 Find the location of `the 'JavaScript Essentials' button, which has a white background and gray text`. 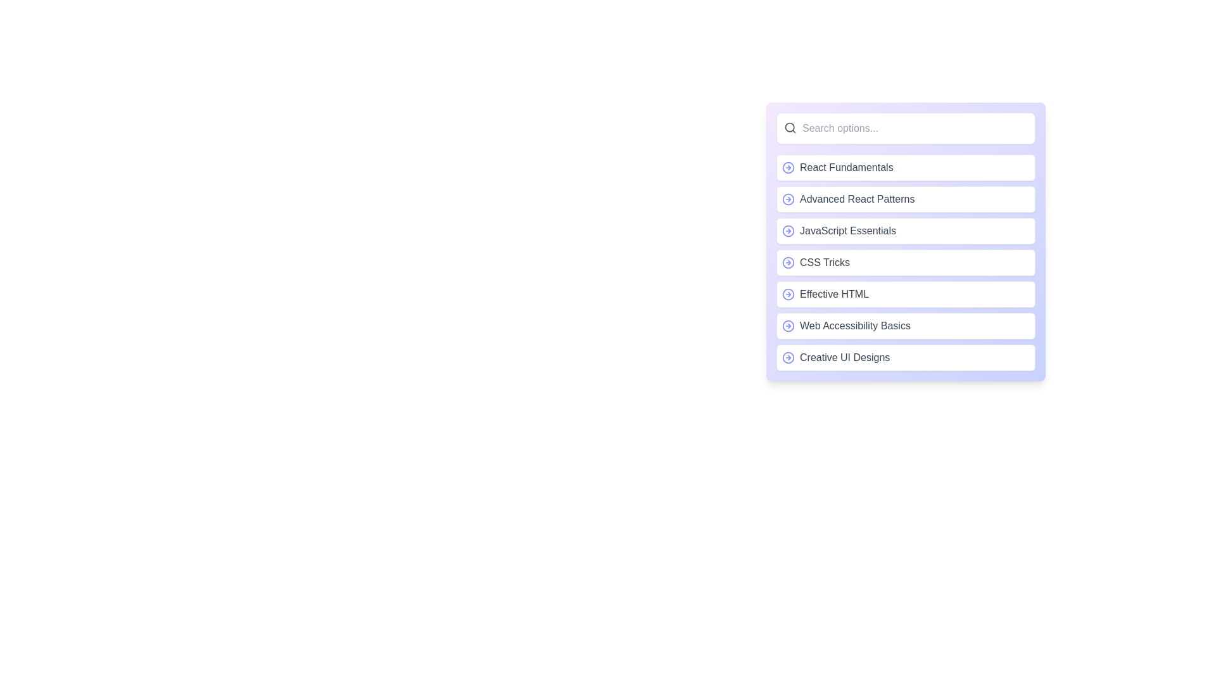

the 'JavaScript Essentials' button, which has a white background and gray text is located at coordinates (905, 241).